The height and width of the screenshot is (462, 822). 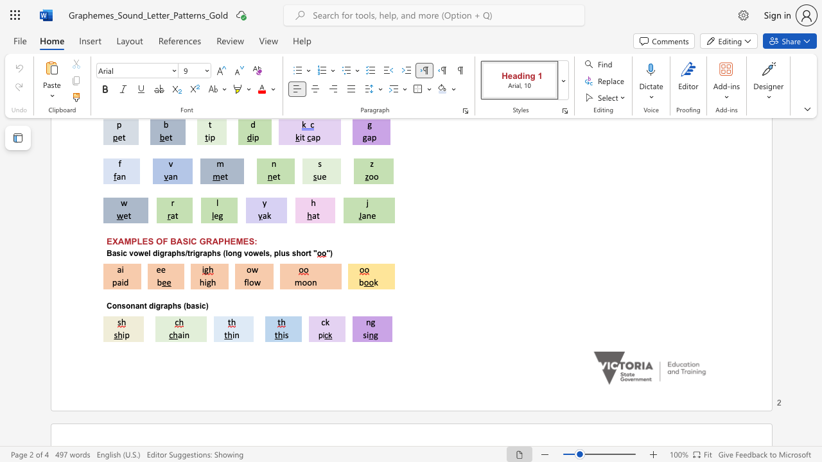 I want to click on the subset text "onsonant" within the text "Consonant digraphs (basic)", so click(x=112, y=306).